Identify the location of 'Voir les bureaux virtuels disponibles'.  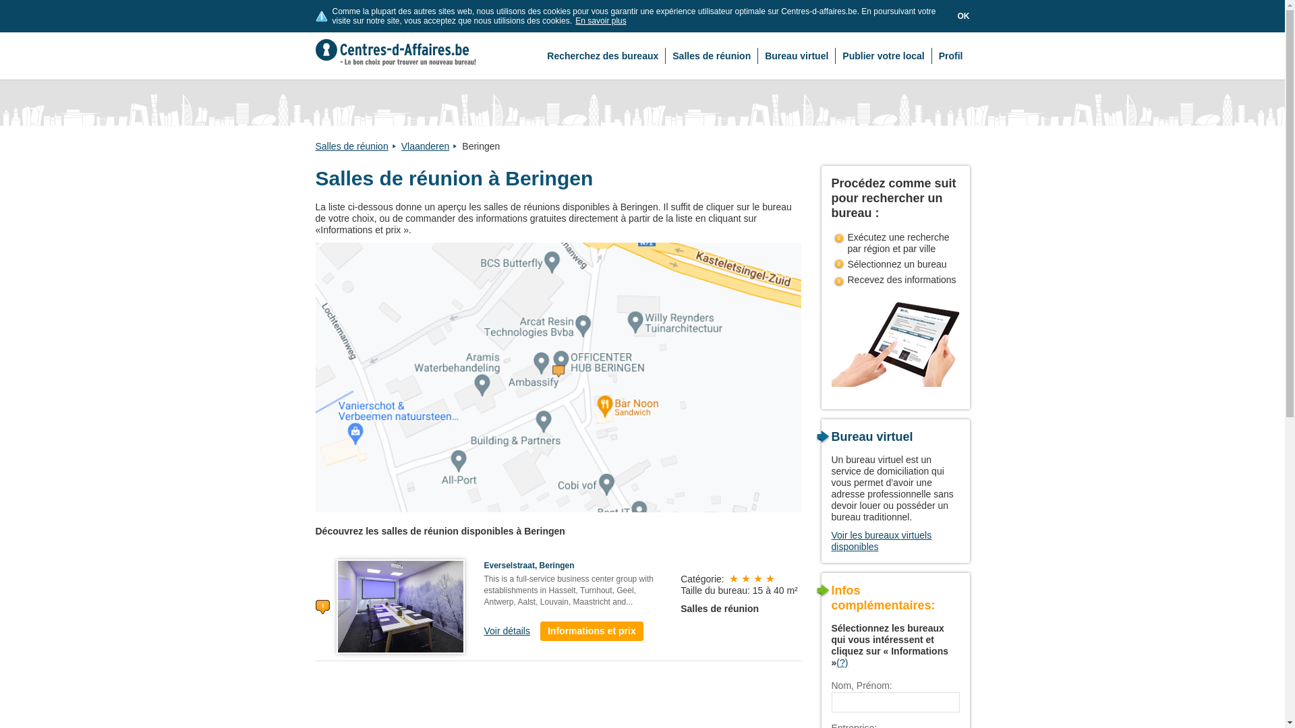
(881, 540).